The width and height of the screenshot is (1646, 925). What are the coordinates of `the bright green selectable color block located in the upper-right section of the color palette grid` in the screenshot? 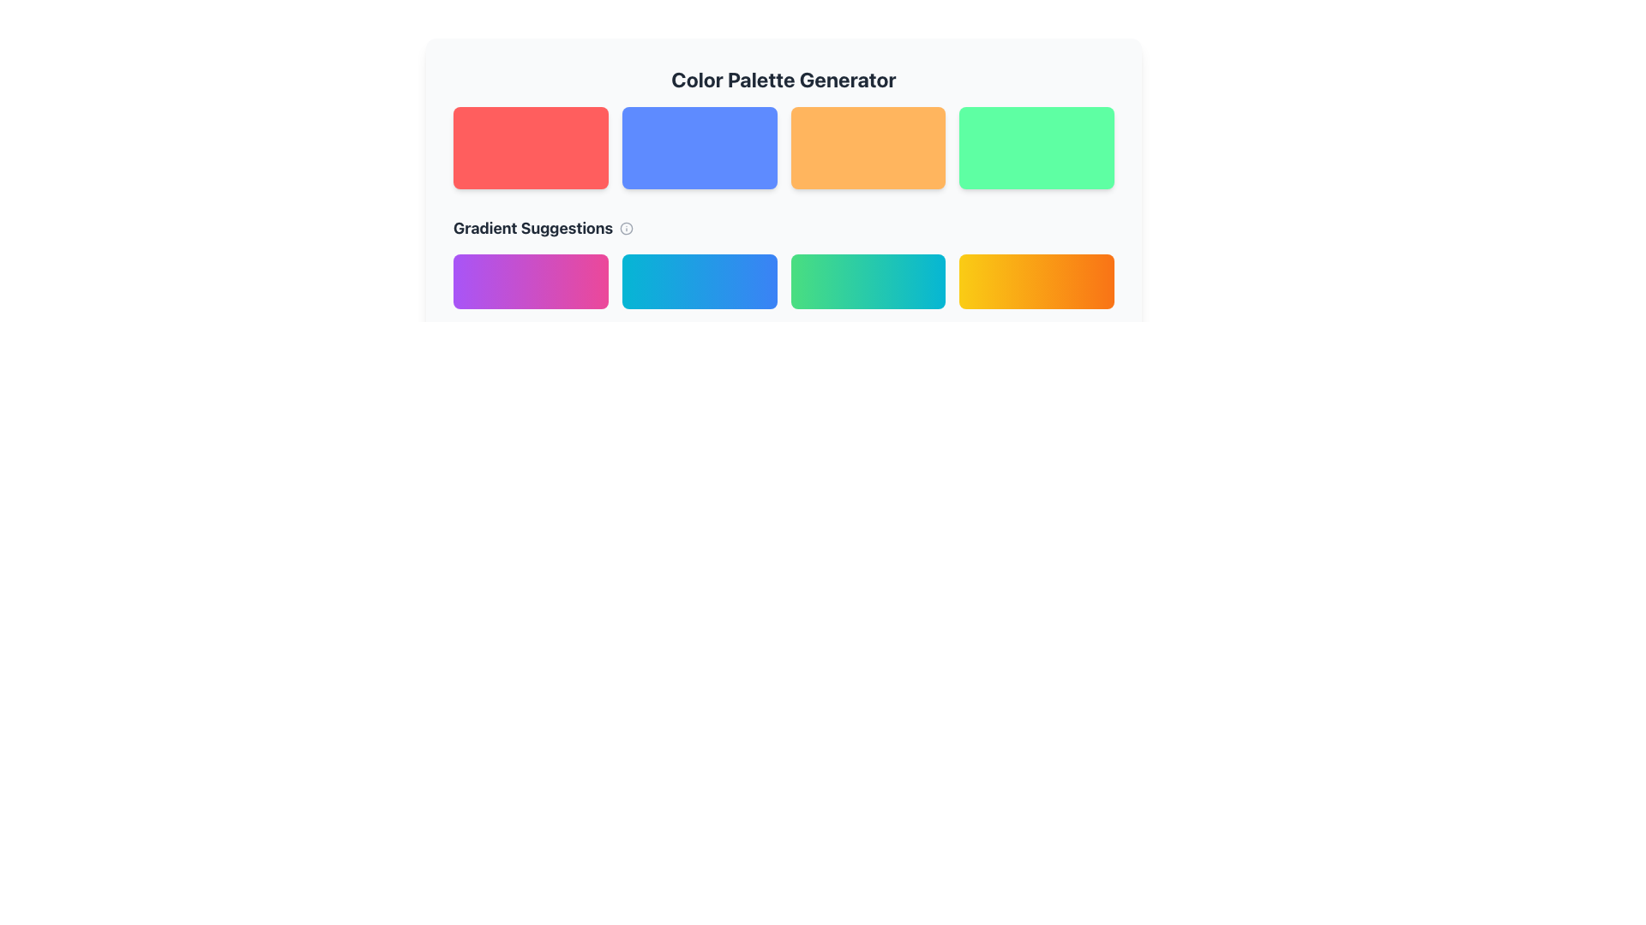 It's located at (1036, 147).